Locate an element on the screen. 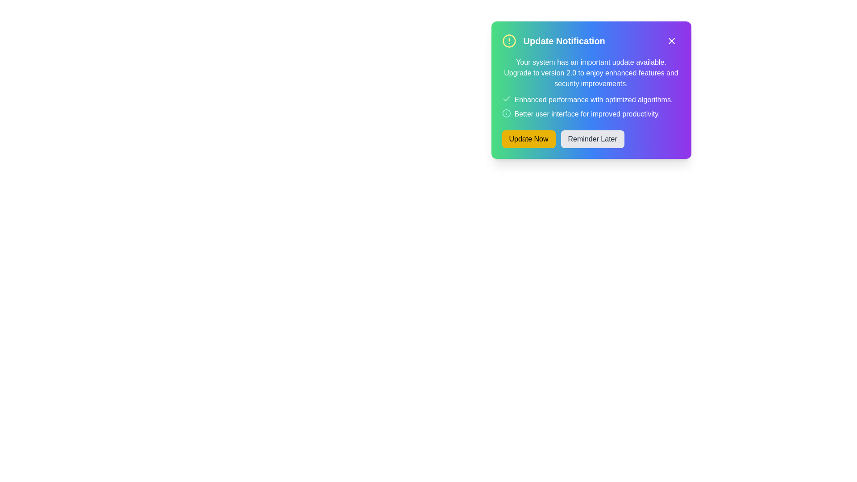  the minimalist close button with a stylized 'X' icon located in the top right corner of the notification card next to the 'Update Notification' header is located at coordinates (671, 41).